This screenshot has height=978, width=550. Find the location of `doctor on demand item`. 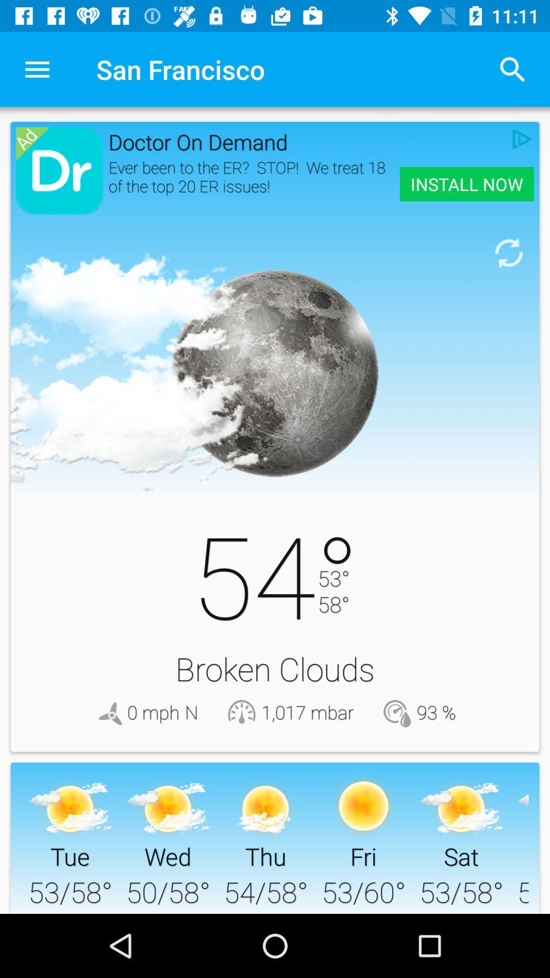

doctor on demand item is located at coordinates (307, 141).